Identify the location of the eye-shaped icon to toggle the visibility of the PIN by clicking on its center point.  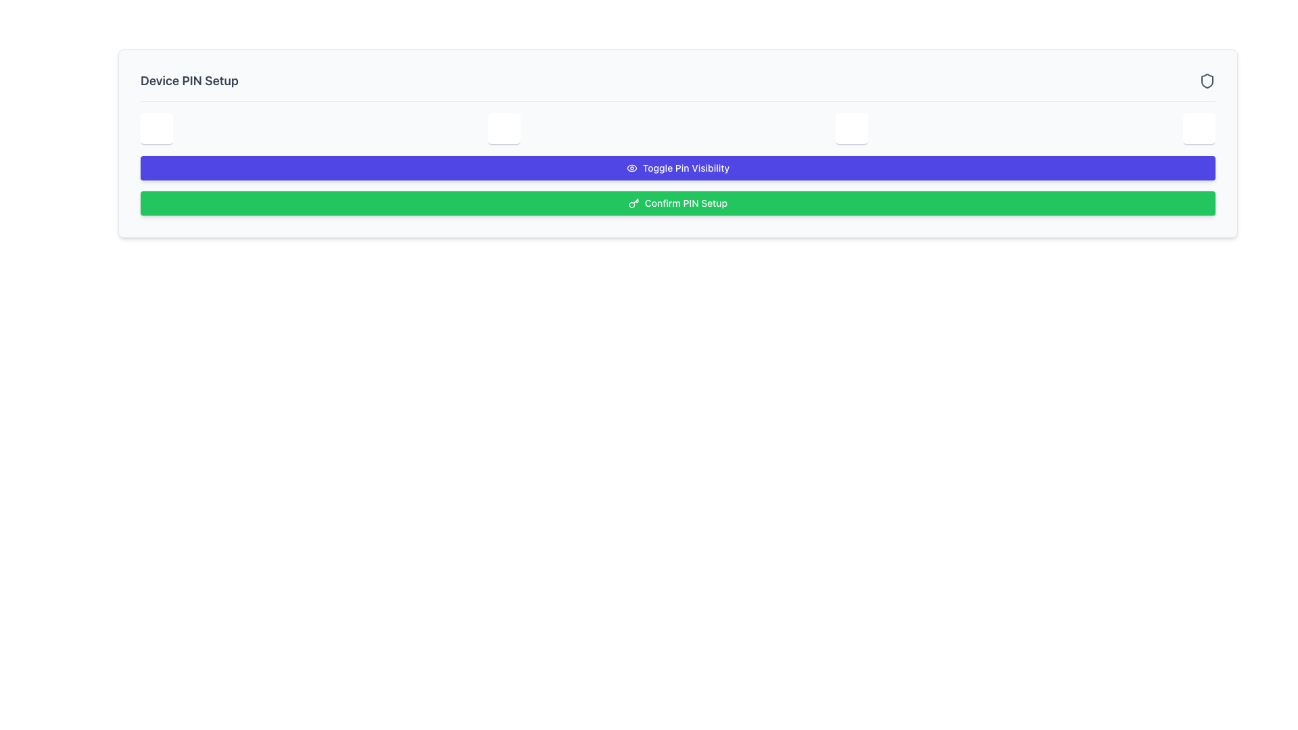
(631, 168).